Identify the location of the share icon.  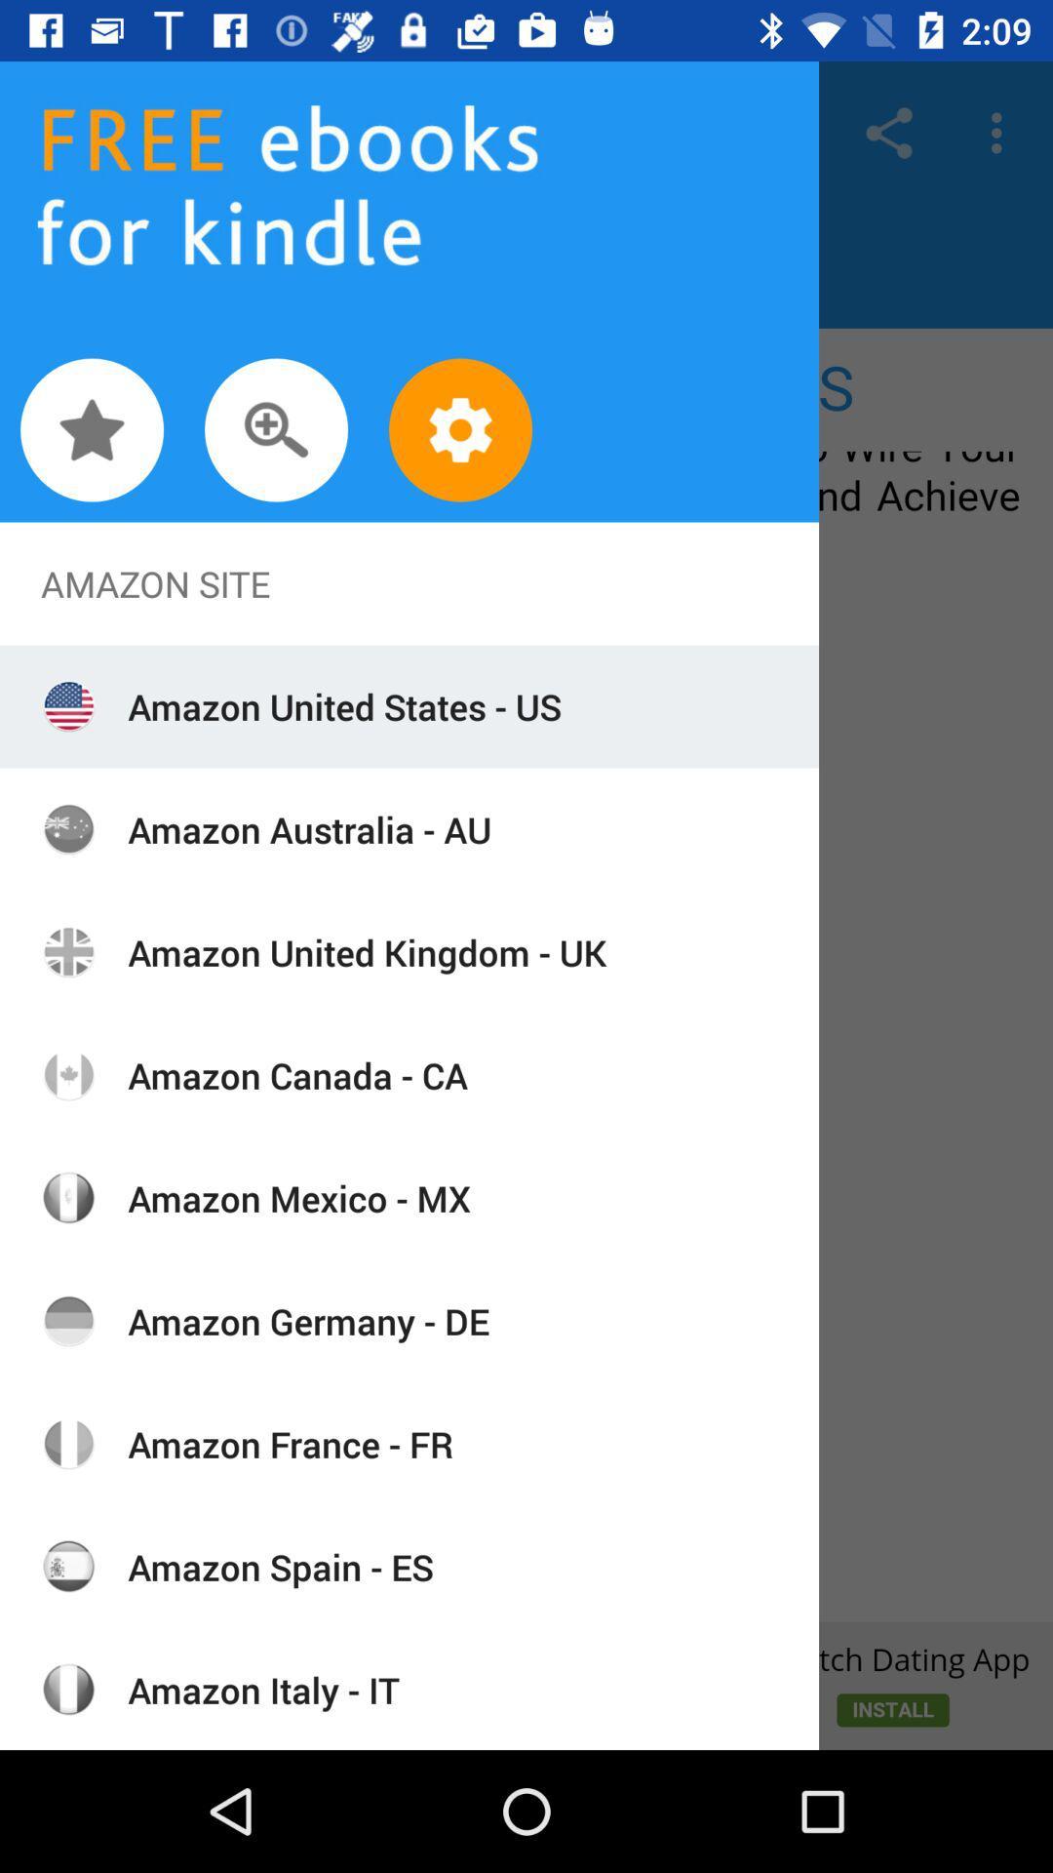
(888, 132).